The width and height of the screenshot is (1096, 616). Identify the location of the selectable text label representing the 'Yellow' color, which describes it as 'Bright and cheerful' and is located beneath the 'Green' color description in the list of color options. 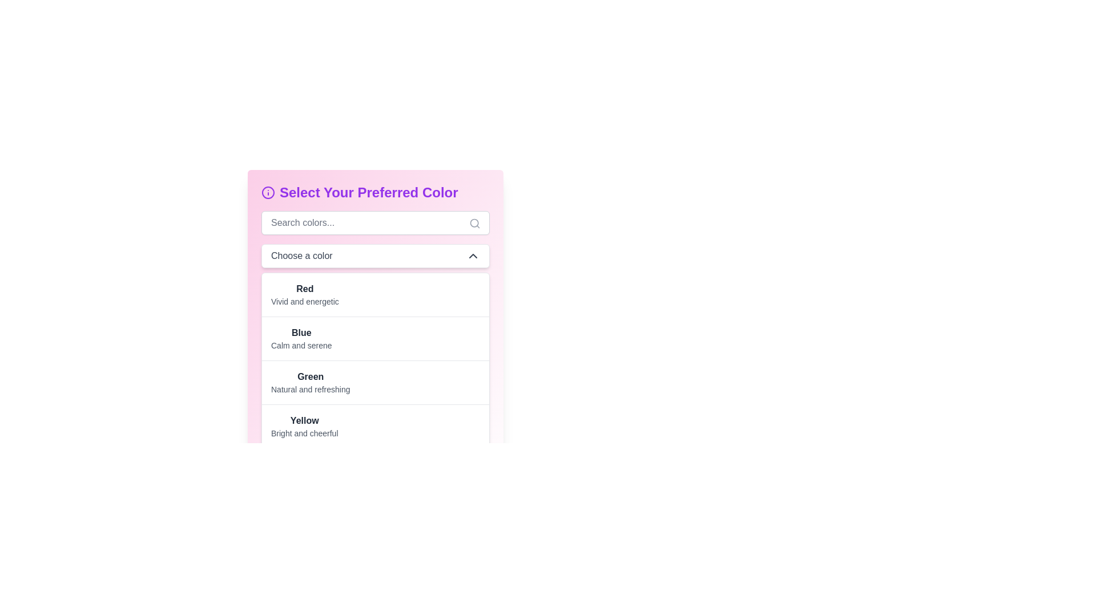
(304, 427).